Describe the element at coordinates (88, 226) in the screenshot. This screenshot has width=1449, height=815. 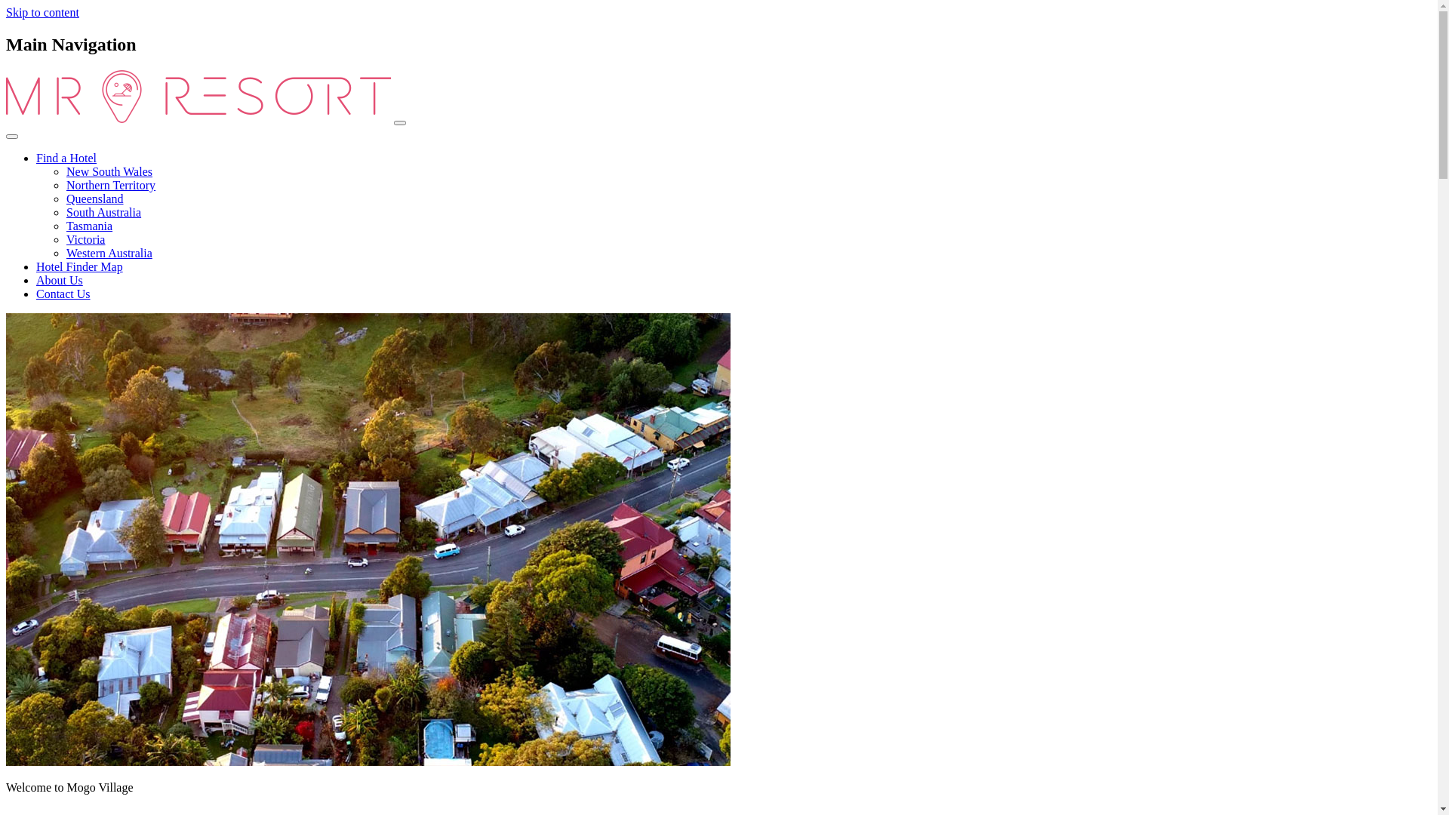
I see `'Tasmania'` at that location.